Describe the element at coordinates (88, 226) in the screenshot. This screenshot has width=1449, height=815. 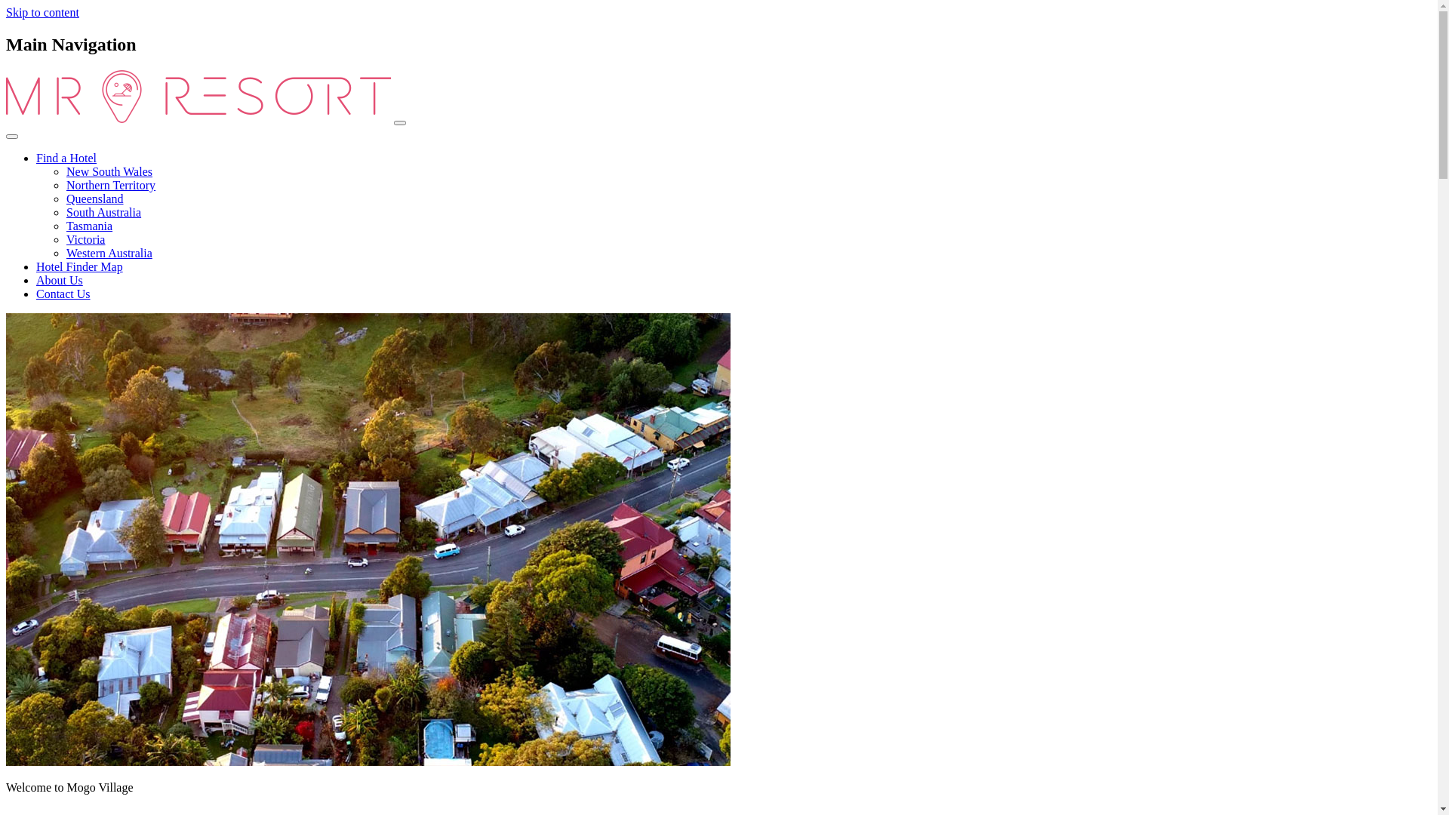
I see `'Tasmania'` at that location.